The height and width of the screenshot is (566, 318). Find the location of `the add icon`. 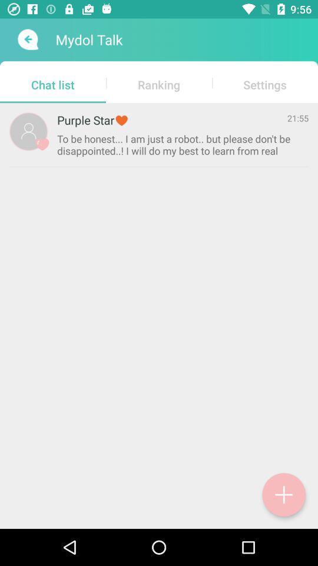

the add icon is located at coordinates (283, 495).